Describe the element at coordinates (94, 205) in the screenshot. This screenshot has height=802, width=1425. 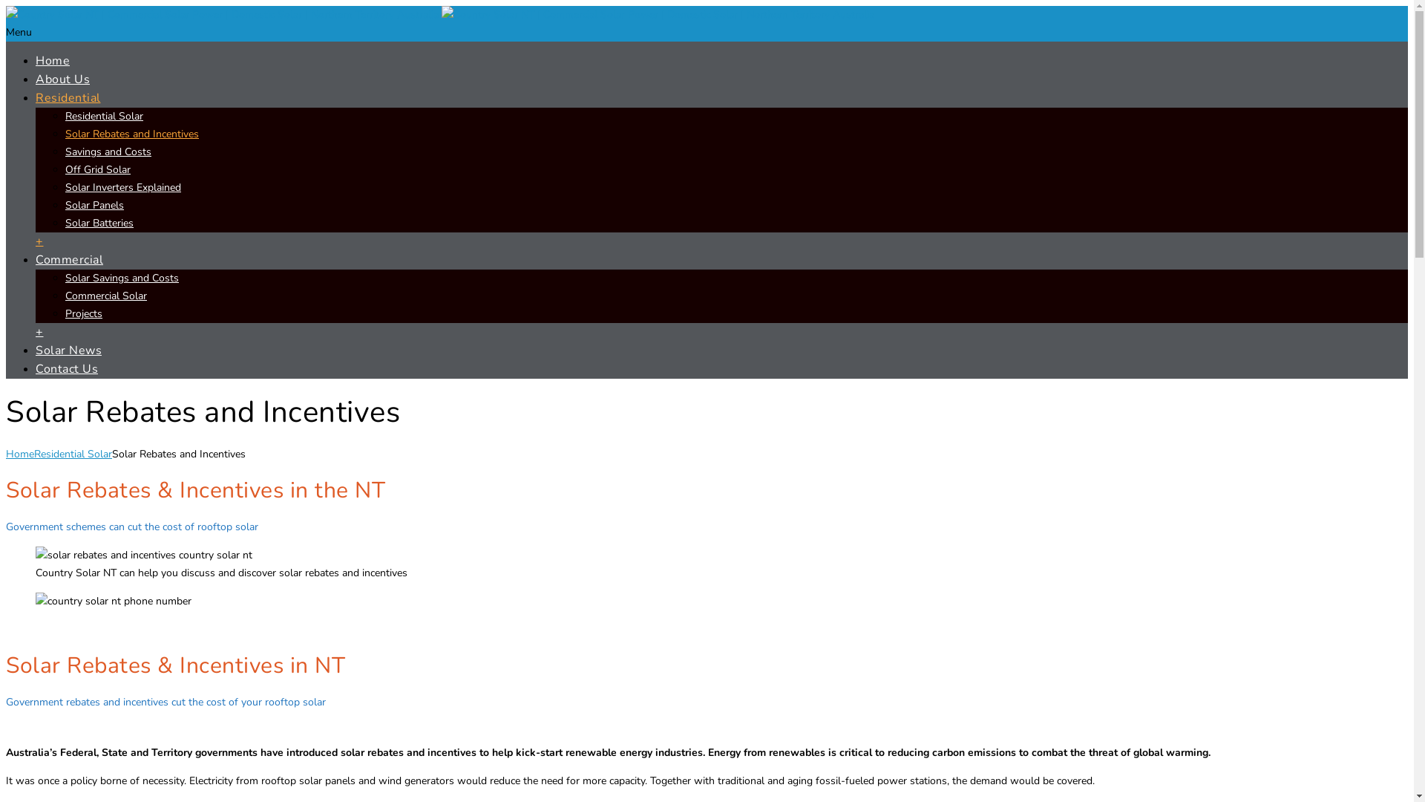
I see `'Solar Panels'` at that location.